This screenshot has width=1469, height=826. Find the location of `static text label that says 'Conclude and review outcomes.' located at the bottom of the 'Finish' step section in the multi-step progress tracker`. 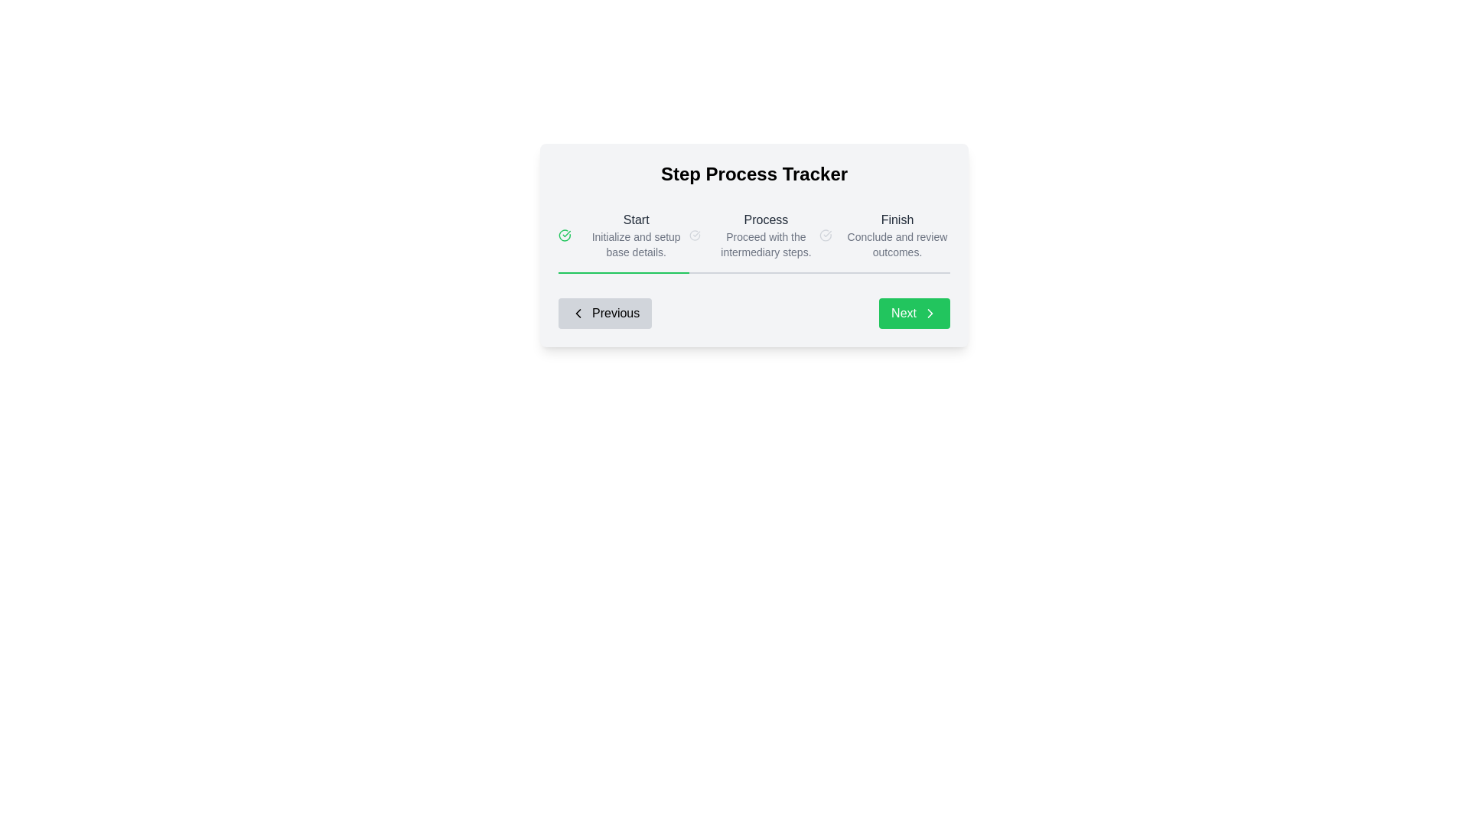

static text label that says 'Conclude and review outcomes.' located at the bottom of the 'Finish' step section in the multi-step progress tracker is located at coordinates (897, 244).